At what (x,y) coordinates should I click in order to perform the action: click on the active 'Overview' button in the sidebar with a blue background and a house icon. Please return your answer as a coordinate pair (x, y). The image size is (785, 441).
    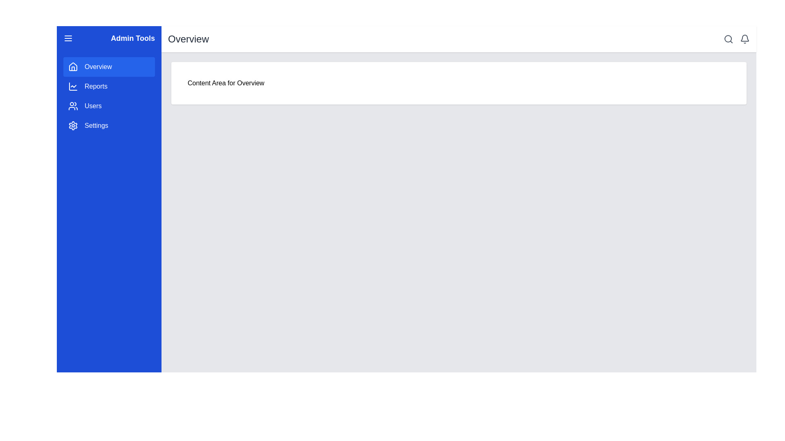
    Looking at the image, I should click on (109, 67).